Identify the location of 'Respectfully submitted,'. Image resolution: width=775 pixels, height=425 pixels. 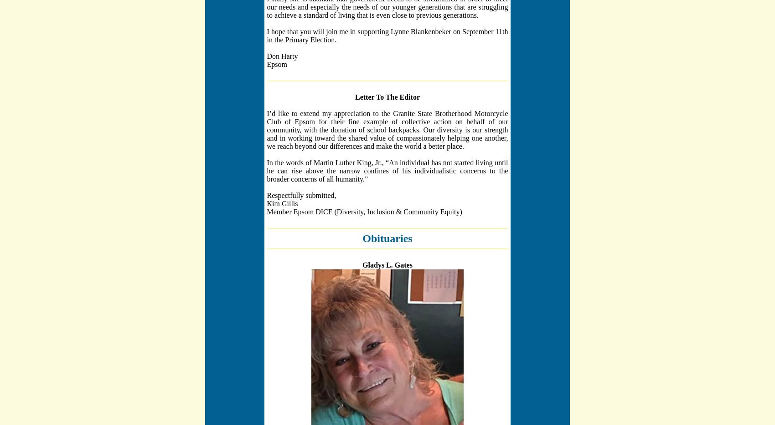
(301, 195).